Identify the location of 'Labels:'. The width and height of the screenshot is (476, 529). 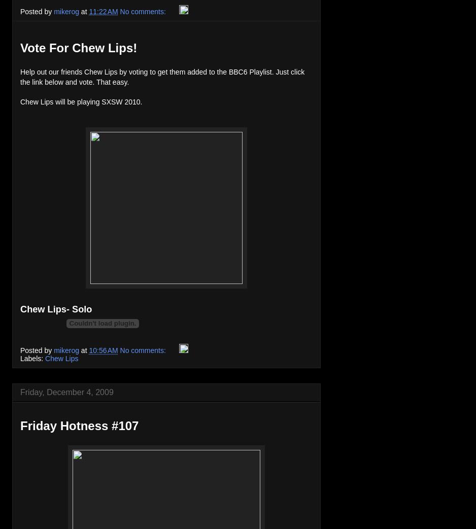
(32, 359).